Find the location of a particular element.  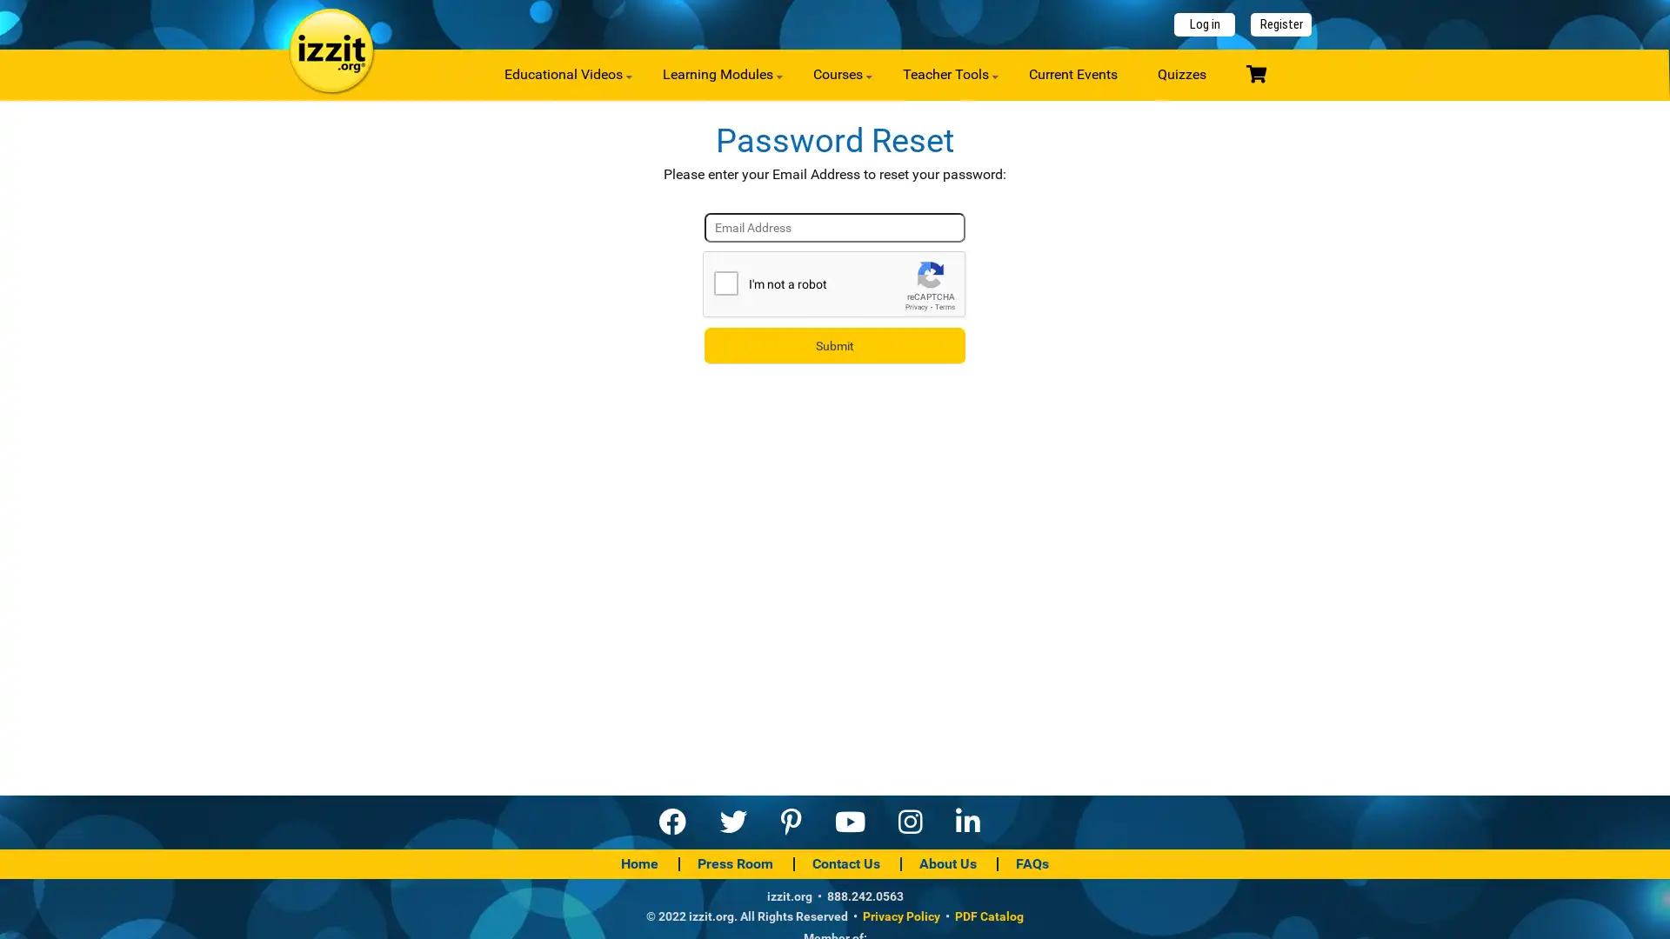

Log in is located at coordinates (1204, 24).